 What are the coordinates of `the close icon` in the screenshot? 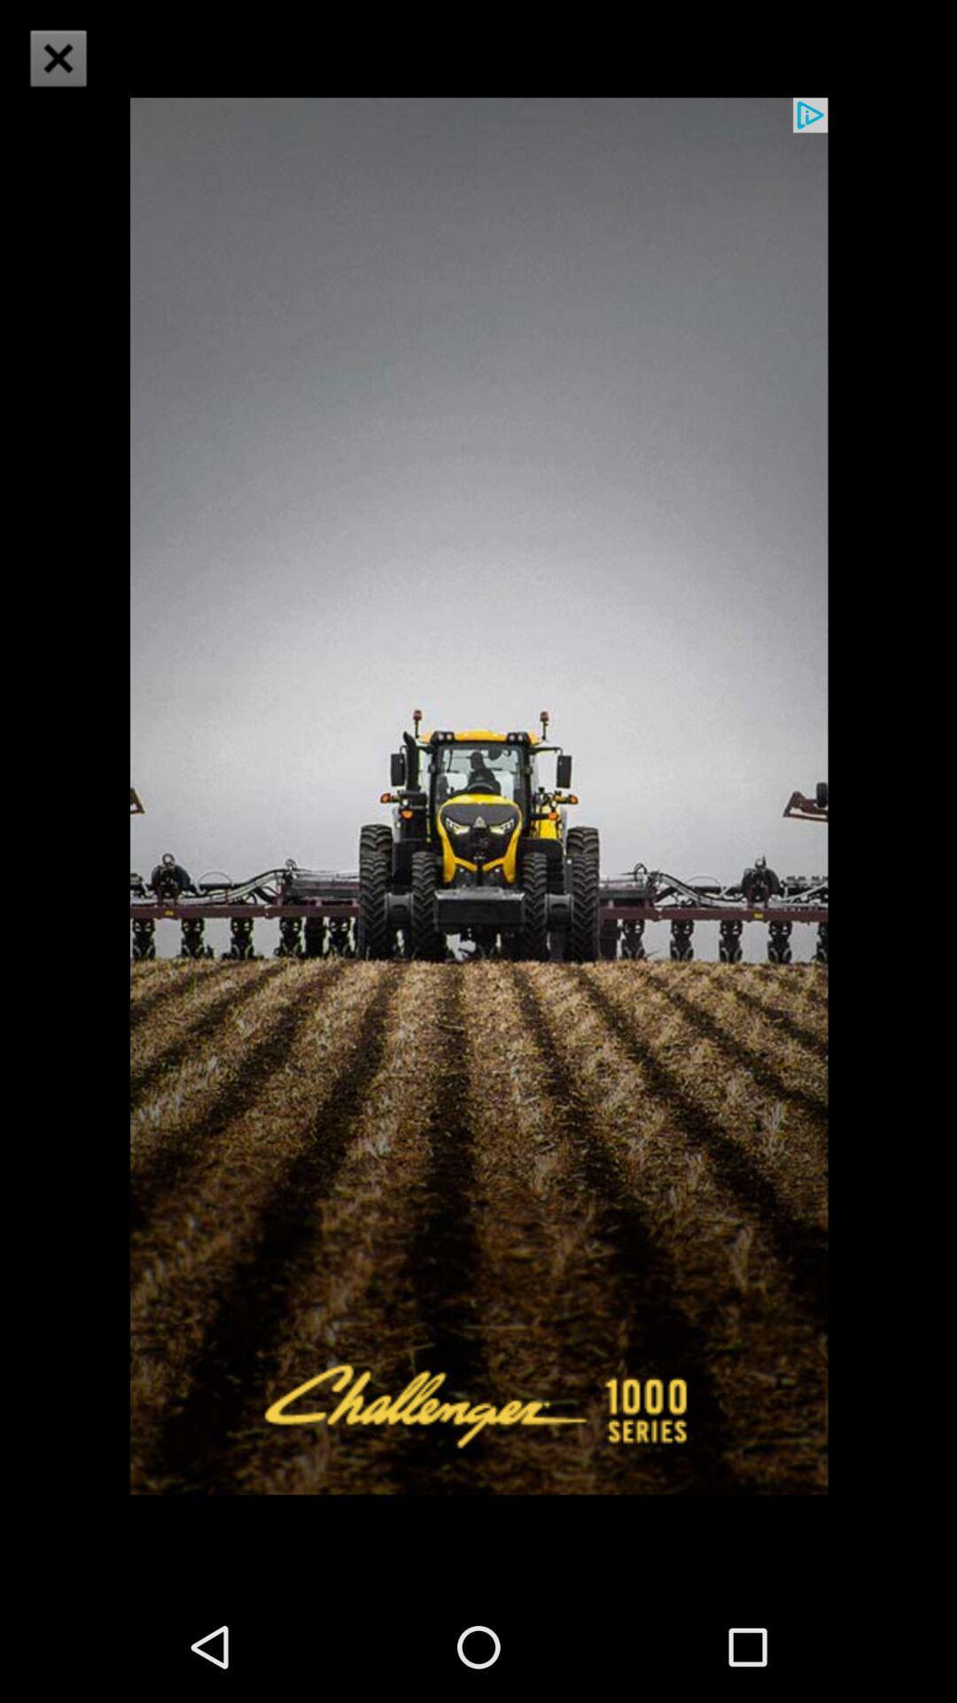 It's located at (57, 62).